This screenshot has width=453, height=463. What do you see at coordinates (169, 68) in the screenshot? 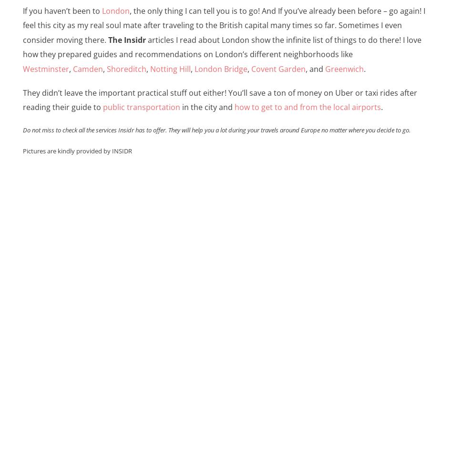
I see `'Notting Hill'` at bounding box center [169, 68].